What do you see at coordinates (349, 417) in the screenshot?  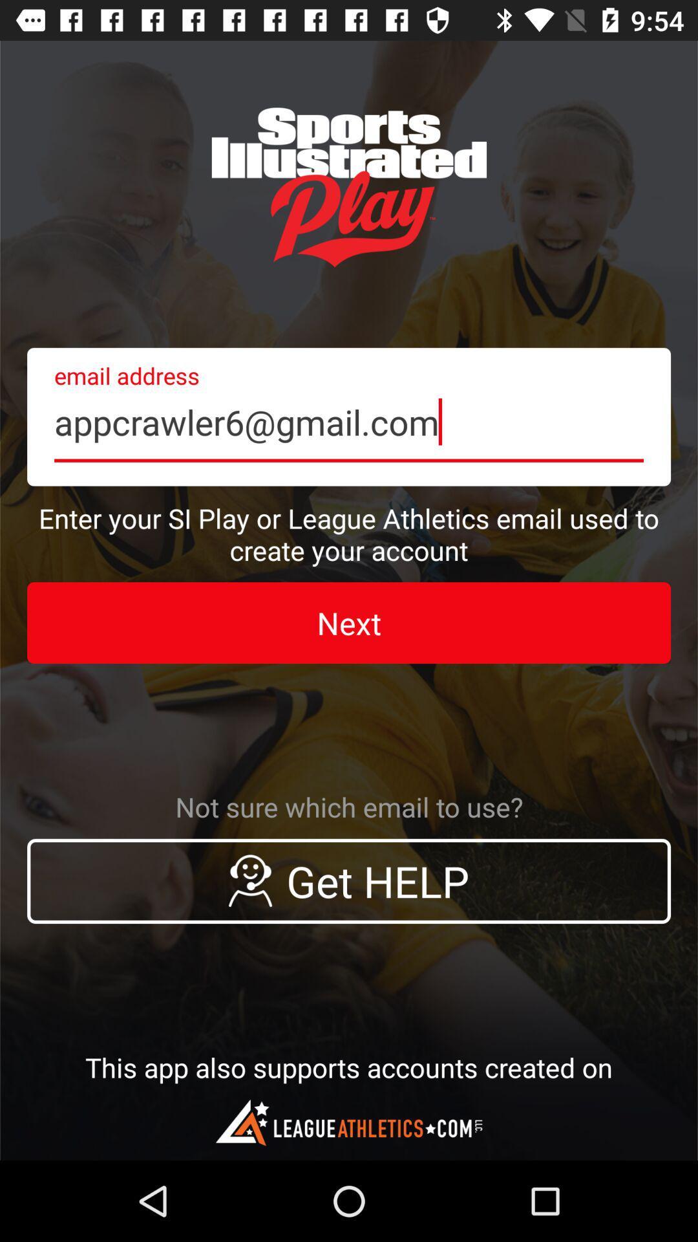 I see `the icon above enter your si` at bounding box center [349, 417].